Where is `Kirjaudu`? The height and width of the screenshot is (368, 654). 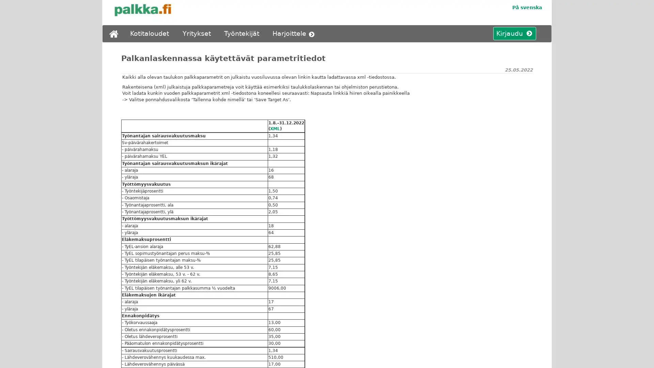 Kirjaudu is located at coordinates (512, 34).